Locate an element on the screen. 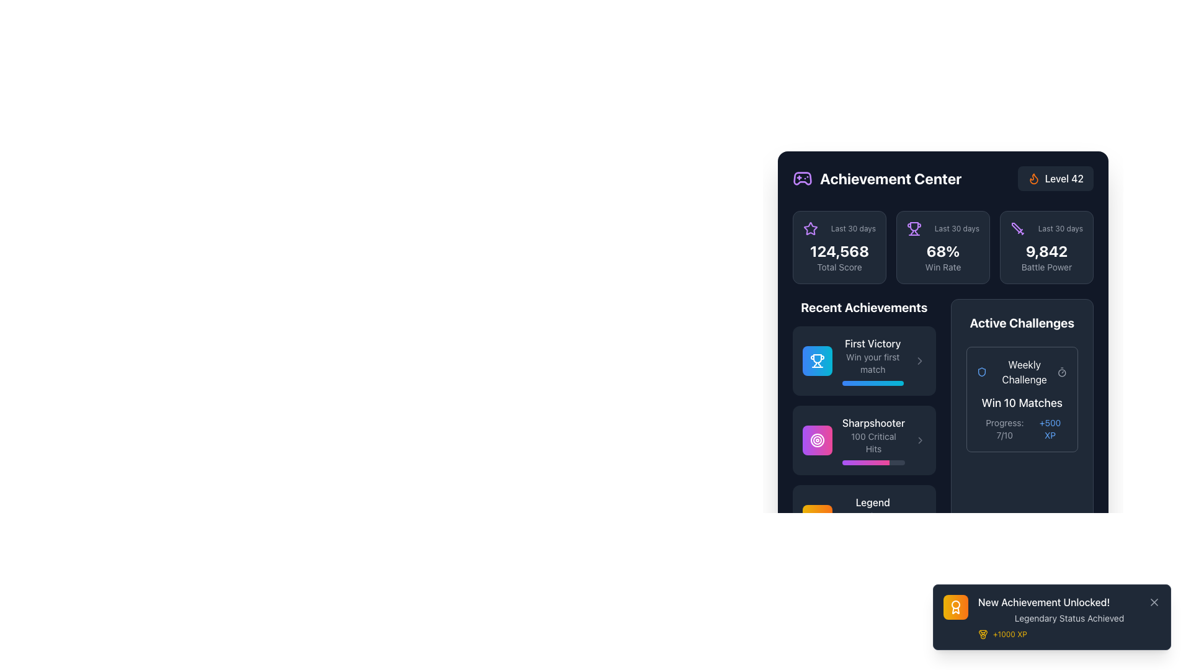  the non-interactive header Text label that indicates the section related to active challenges, located in the upper-right section of the interface is located at coordinates (1022, 322).